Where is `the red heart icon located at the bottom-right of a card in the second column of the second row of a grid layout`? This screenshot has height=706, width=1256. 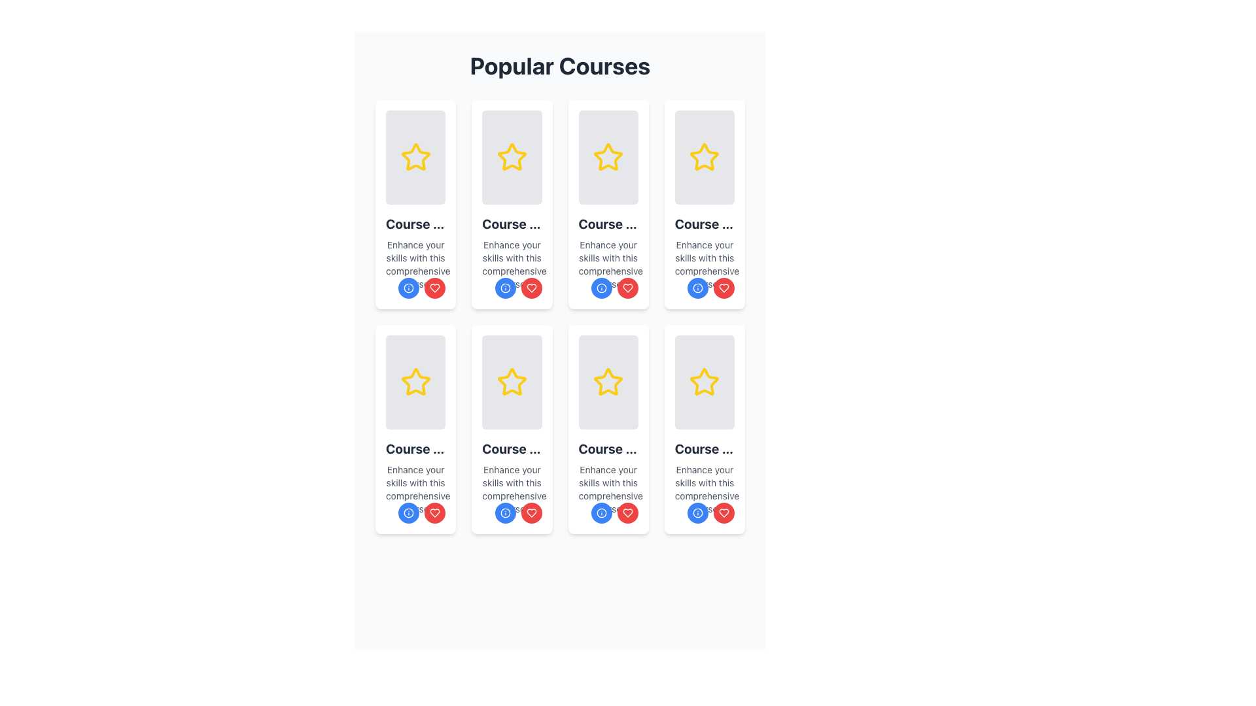 the red heart icon located at the bottom-right of a card in the second column of the second row of a grid layout is located at coordinates (627, 287).